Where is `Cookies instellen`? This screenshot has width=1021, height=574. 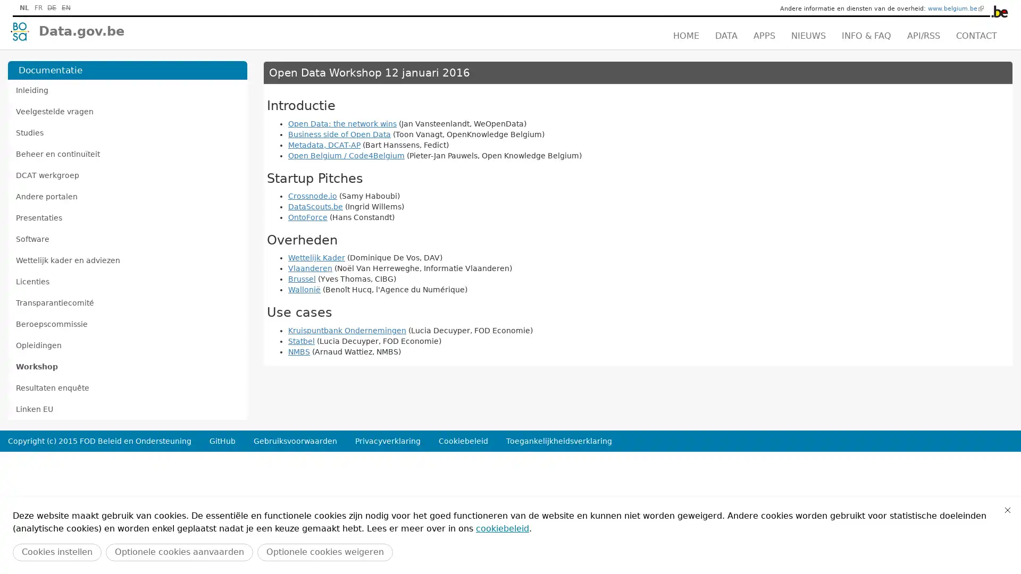 Cookies instellen is located at coordinates (56, 552).